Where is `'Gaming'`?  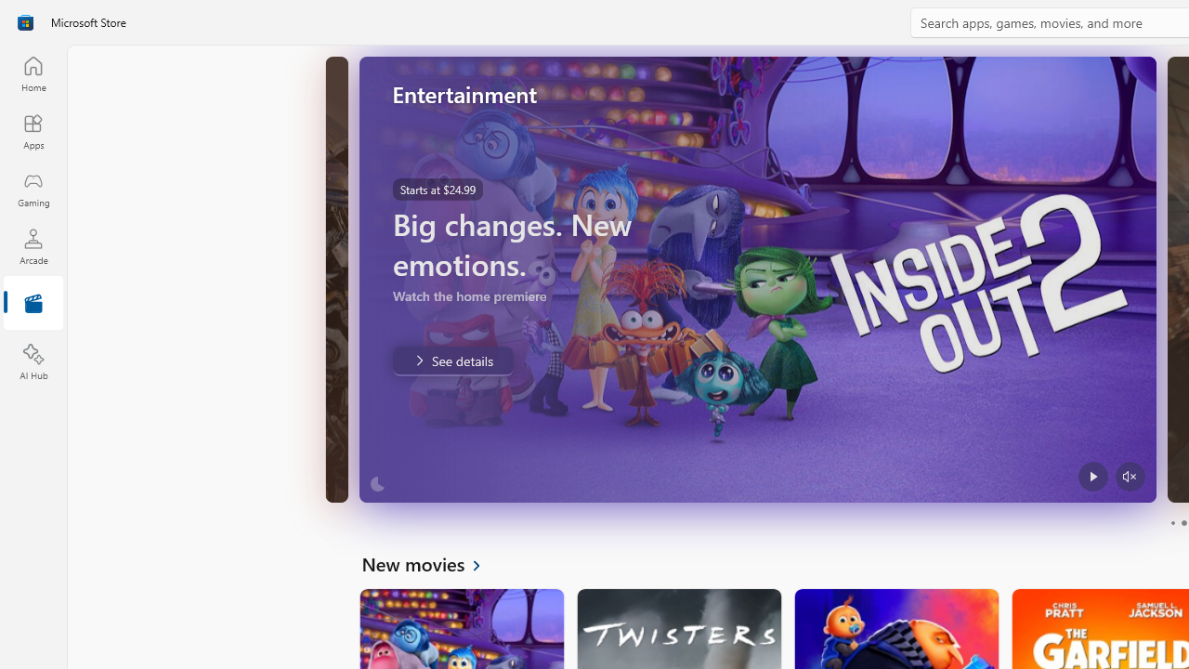 'Gaming' is located at coordinates (33, 189).